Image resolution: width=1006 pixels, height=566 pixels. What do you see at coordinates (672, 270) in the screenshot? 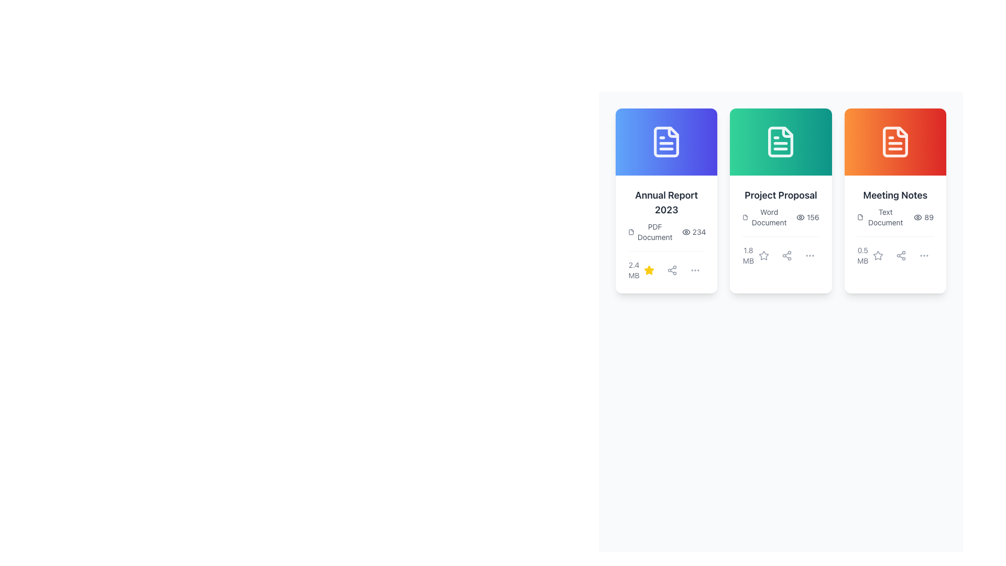
I see `the icon button that represents a share symbol, styled in soft gray tones, located at the bottom-middle section of the card for 'Annual Report 2023', positioned between a yellow star icon and an icon with three vertical dots` at bounding box center [672, 270].